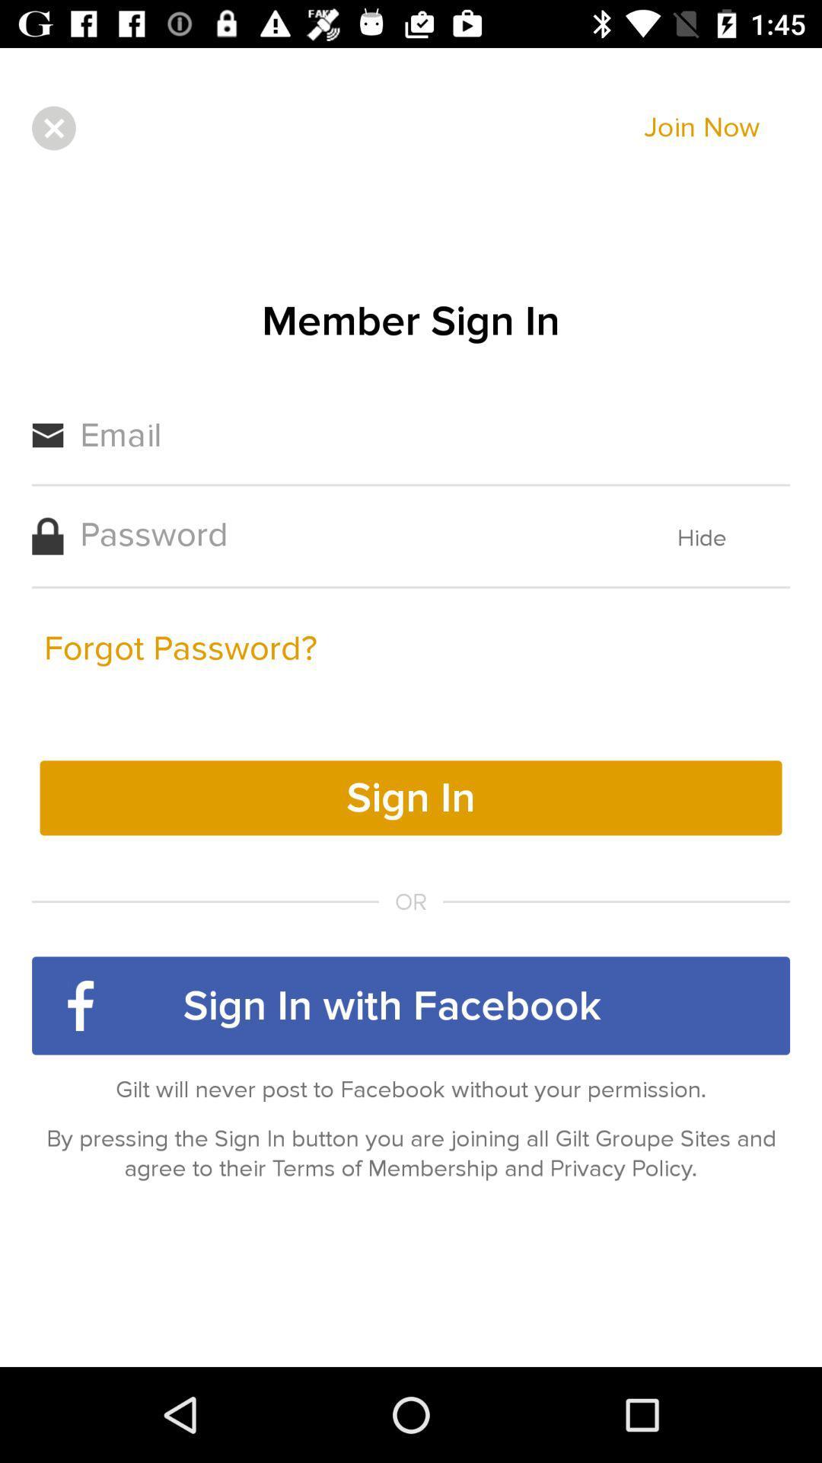 This screenshot has height=1463, width=822. Describe the element at coordinates (702, 538) in the screenshot. I see `icon on the right` at that location.